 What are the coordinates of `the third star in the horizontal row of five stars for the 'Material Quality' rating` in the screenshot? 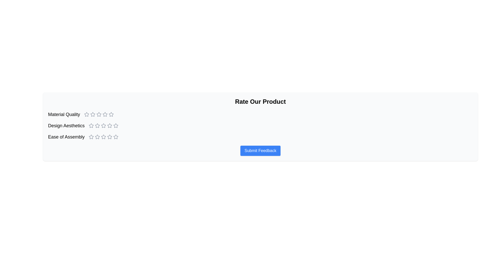 It's located at (93, 114).